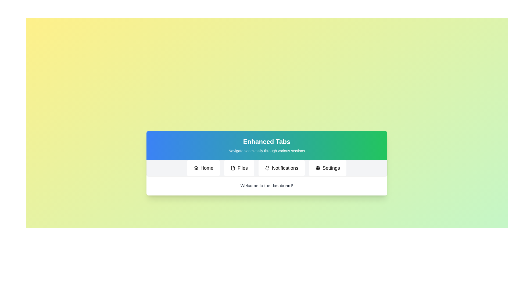 Image resolution: width=516 pixels, height=290 pixels. What do you see at coordinates (206, 168) in the screenshot?
I see `the static text label for the 'Home' tab in the navigation menu, which is positioned to the right of the house-shaped icon` at bounding box center [206, 168].